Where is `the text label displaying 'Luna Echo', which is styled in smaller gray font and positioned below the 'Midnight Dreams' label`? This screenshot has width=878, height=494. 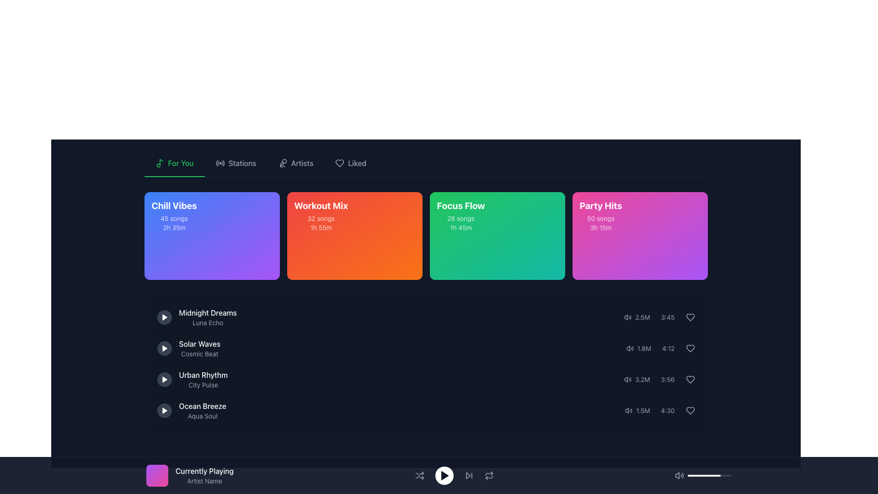 the text label displaying 'Luna Echo', which is styled in smaller gray font and positioned below the 'Midnight Dreams' label is located at coordinates (207, 322).